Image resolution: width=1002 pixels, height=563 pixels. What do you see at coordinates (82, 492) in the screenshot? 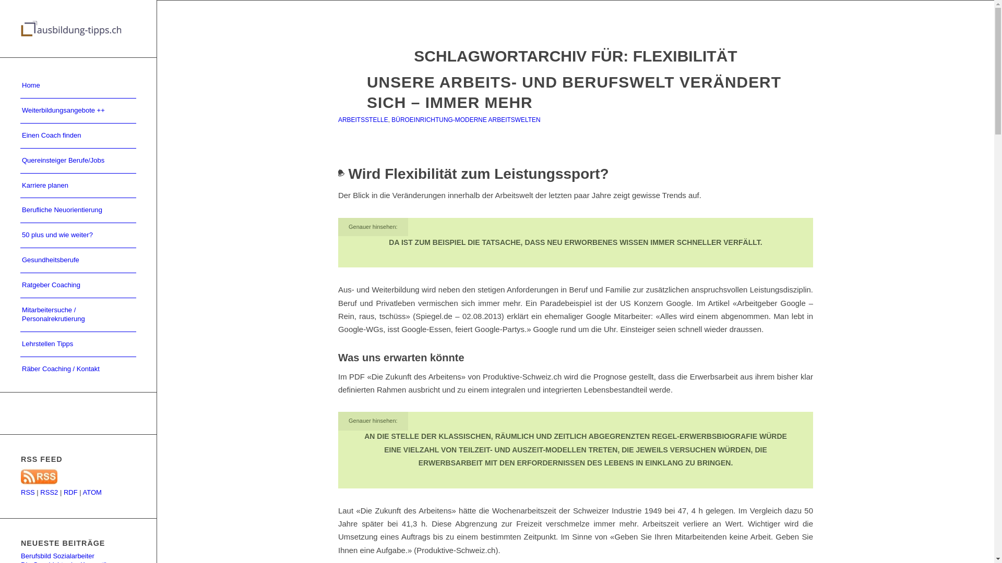
I see `'ATOM'` at bounding box center [82, 492].